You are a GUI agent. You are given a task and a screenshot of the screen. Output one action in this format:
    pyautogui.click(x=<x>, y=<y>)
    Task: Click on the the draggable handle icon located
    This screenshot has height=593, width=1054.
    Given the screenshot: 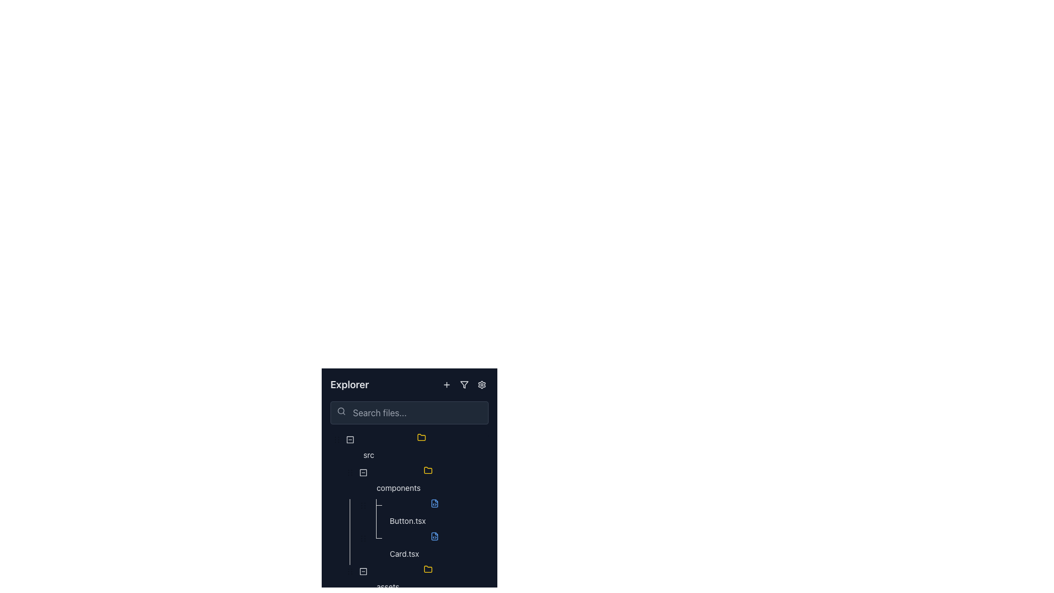 What is the action you would take?
    pyautogui.click(x=363, y=506)
    